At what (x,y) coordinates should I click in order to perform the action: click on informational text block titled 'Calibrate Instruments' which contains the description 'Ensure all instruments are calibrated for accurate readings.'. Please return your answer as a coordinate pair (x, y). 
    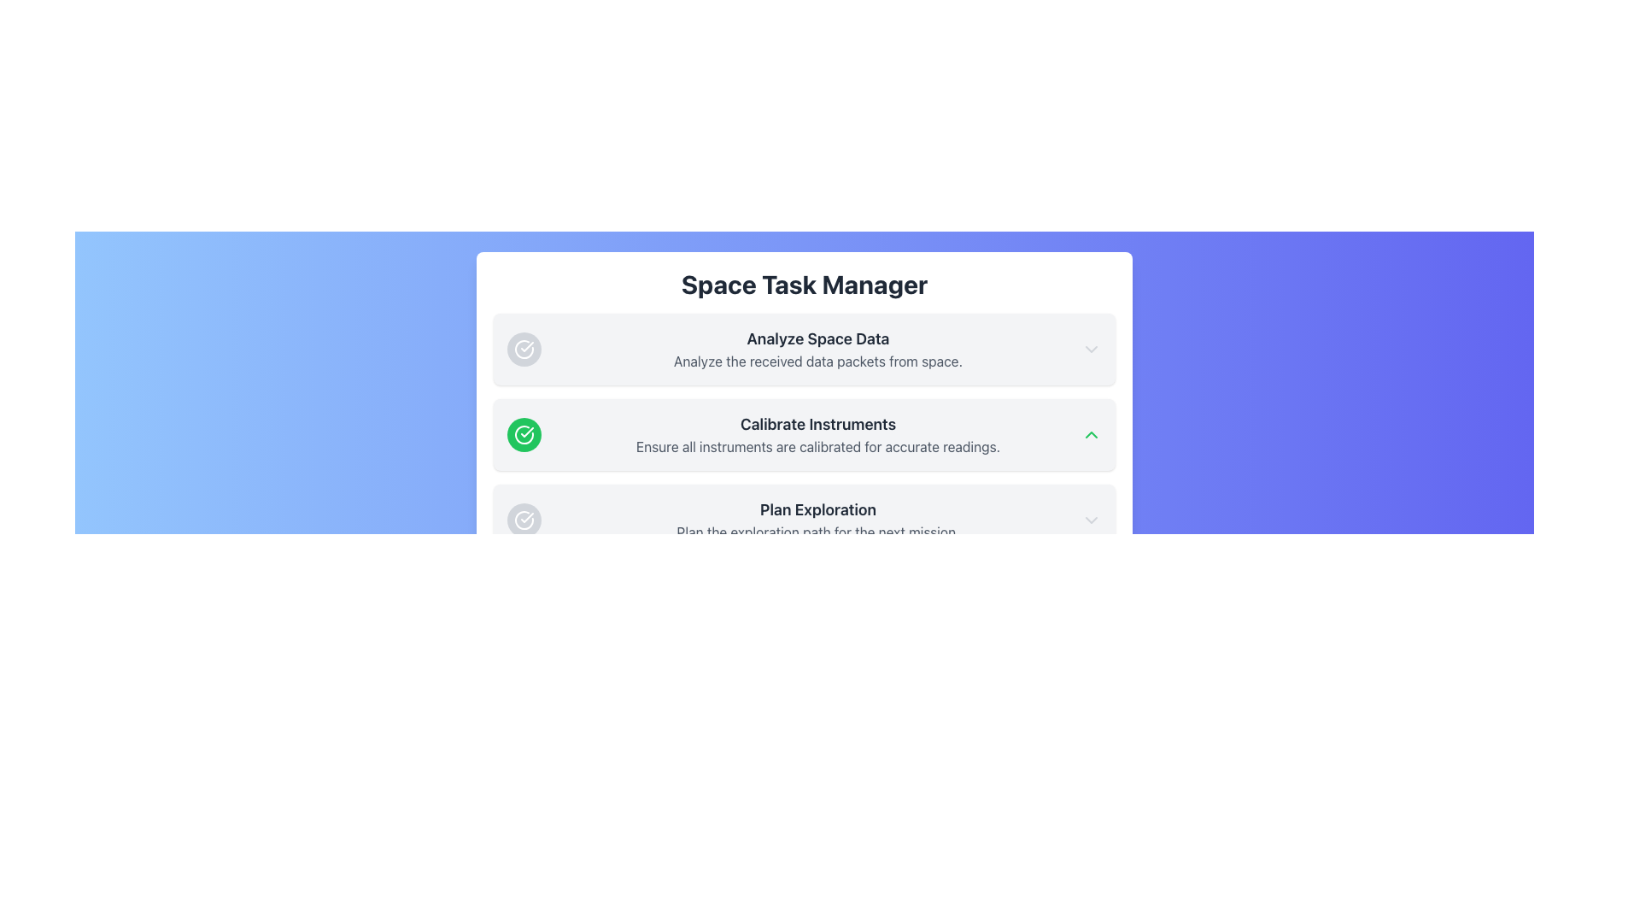
    Looking at the image, I should click on (817, 434).